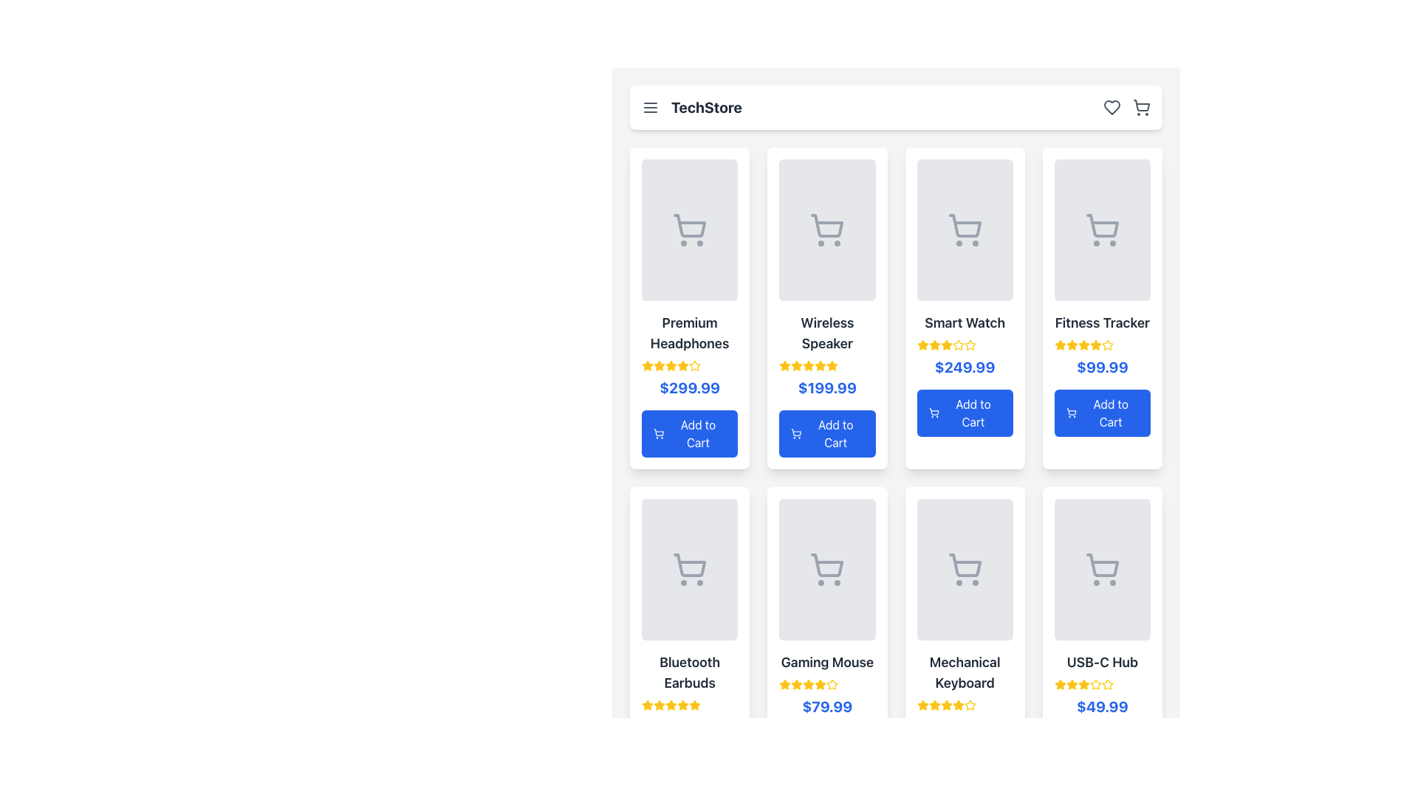  I want to click on the gray shopping cart icon with circular wheels located in the third card of the first row in the grid layout, so click(965, 230).